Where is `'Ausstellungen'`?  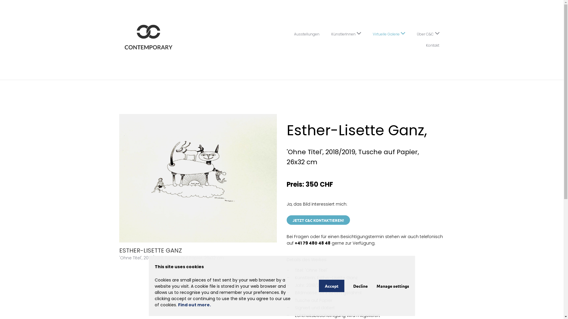 'Ausstellungen' is located at coordinates (306, 34).